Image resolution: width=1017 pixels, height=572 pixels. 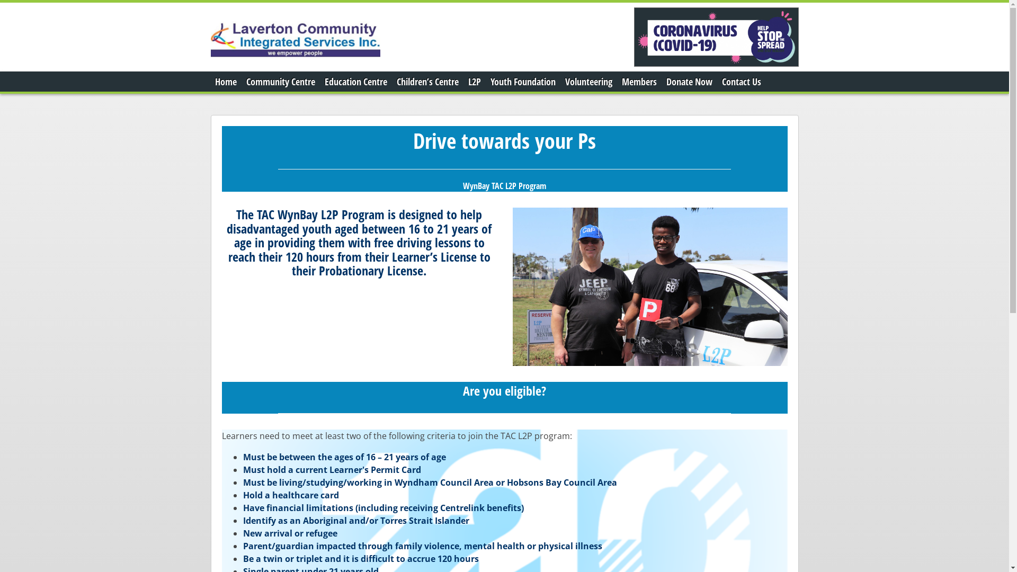 I want to click on 'WynBay TAC L2P Program', so click(x=504, y=185).